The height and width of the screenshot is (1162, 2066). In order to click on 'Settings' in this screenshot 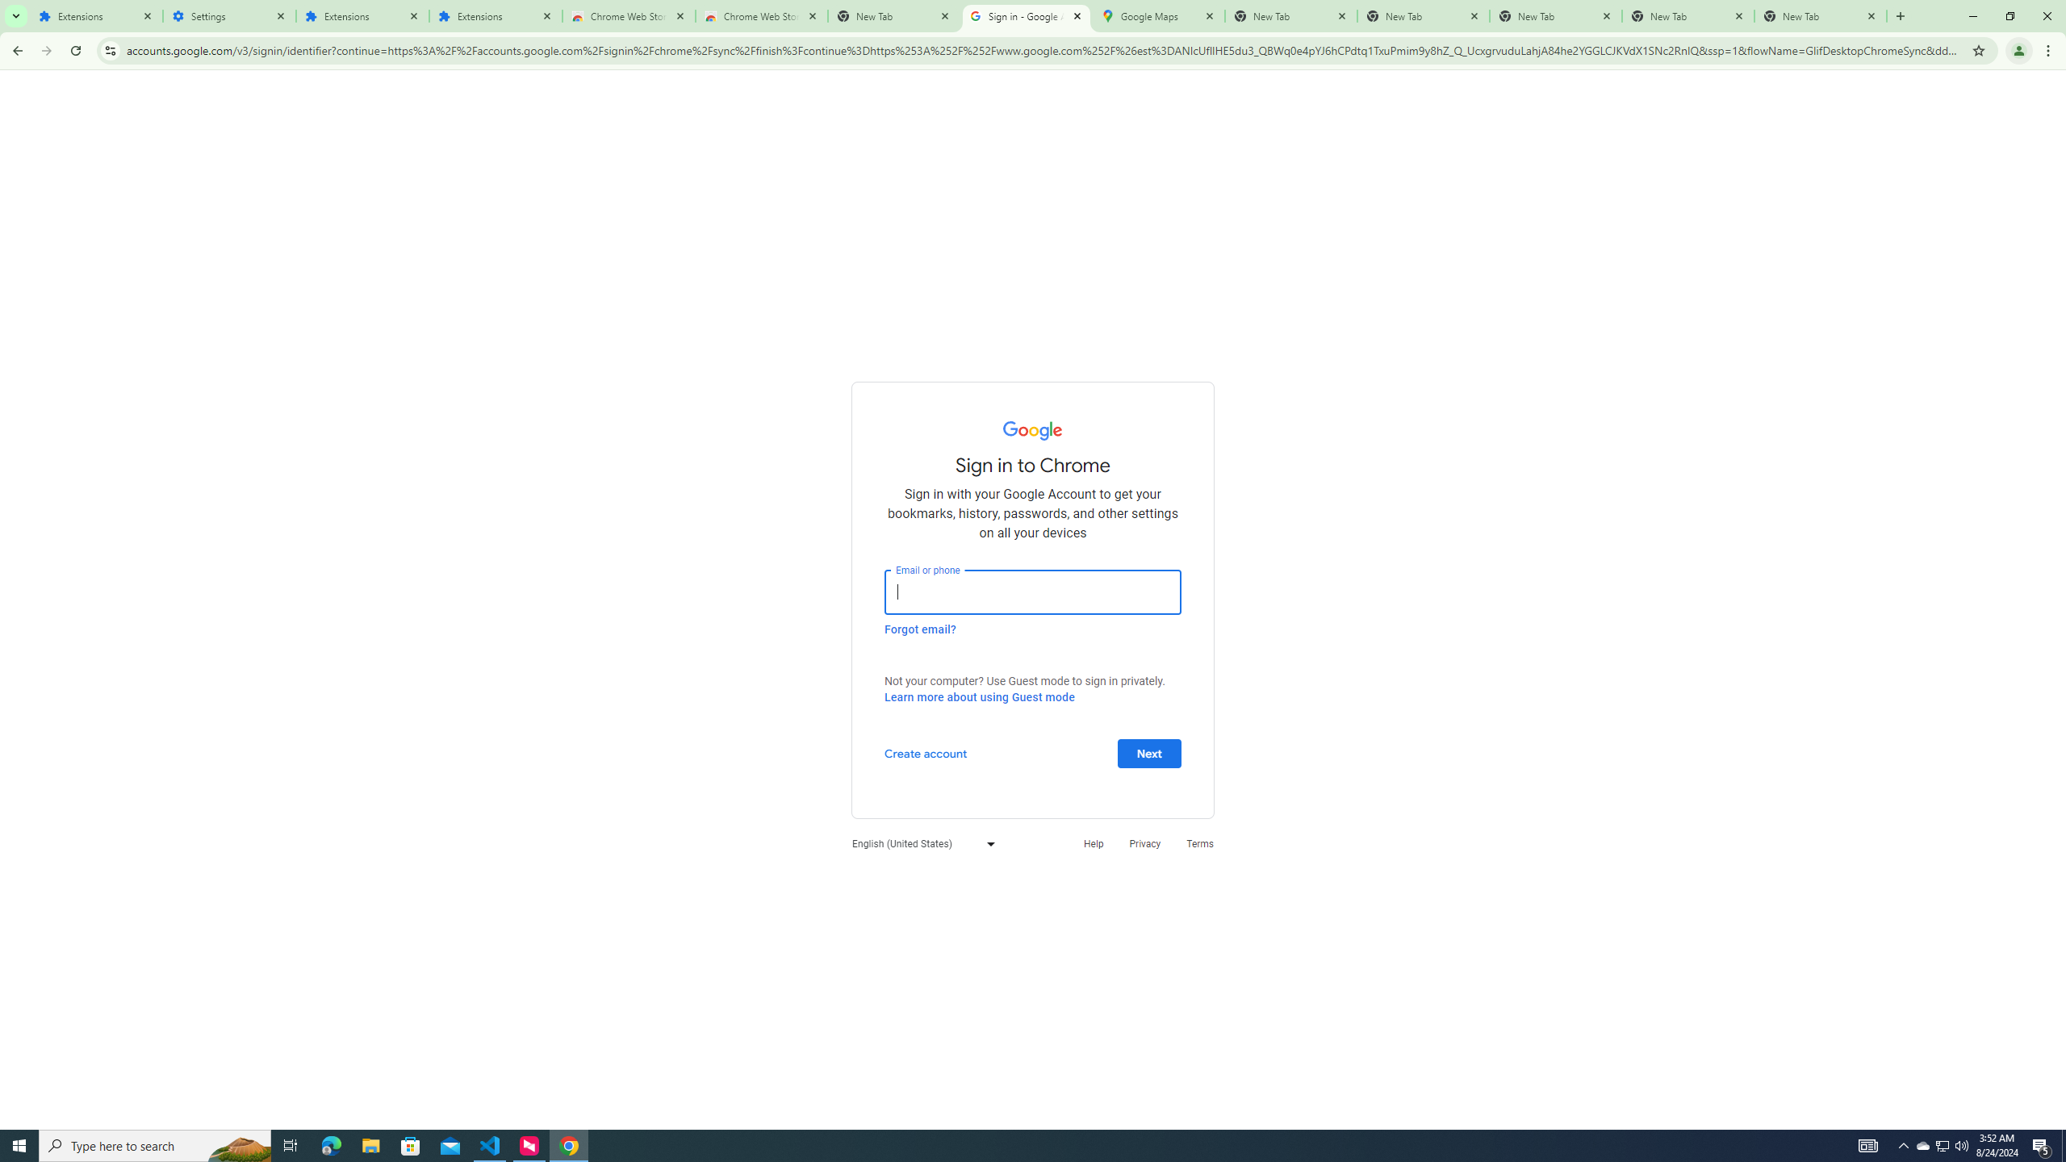, I will do `click(229, 15)`.